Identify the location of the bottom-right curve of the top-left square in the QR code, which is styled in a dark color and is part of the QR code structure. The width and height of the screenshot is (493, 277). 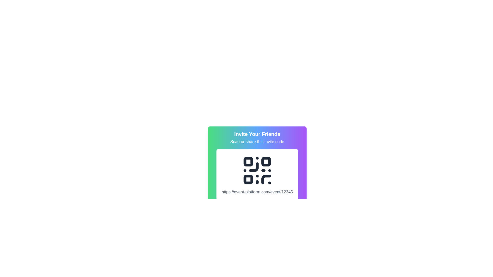
(254, 167).